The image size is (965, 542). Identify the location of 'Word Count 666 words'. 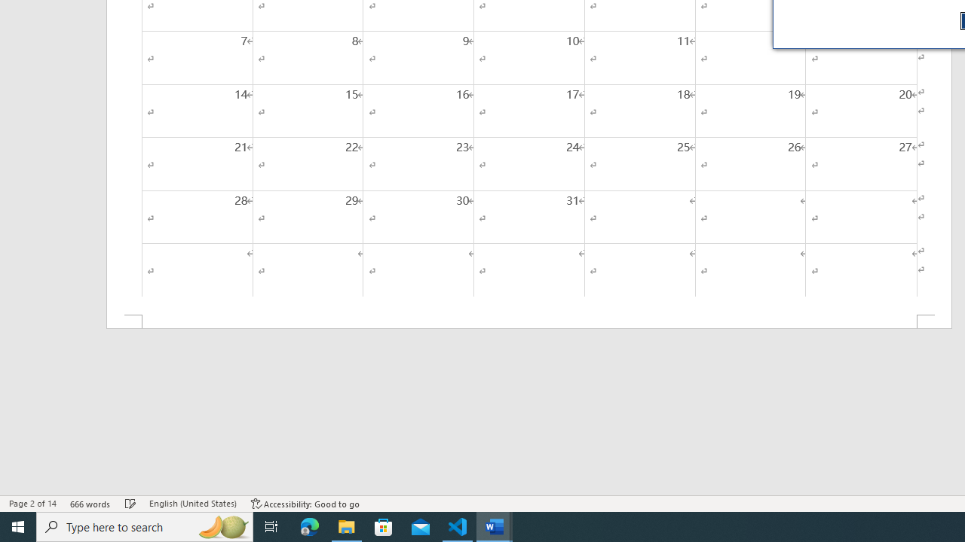
(90, 504).